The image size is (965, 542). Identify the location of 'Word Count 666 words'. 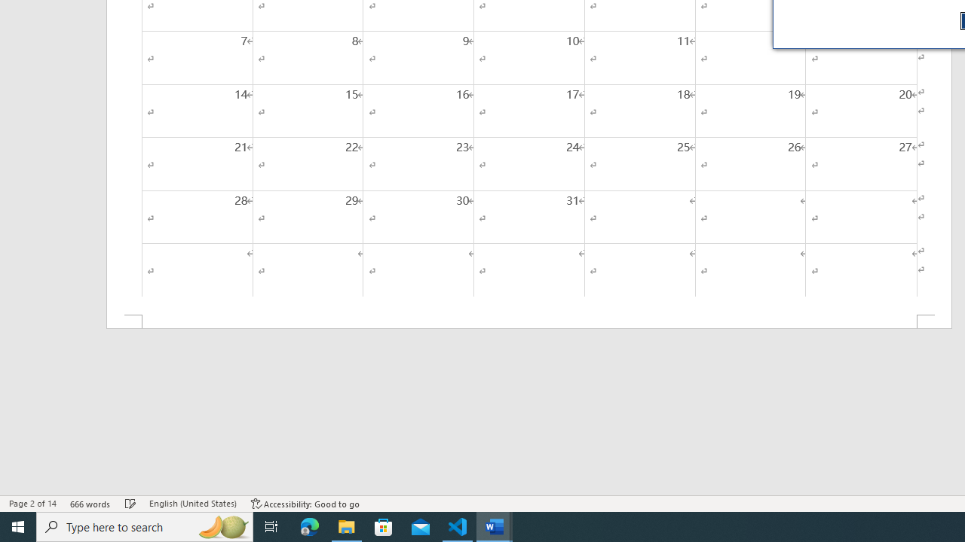
(90, 504).